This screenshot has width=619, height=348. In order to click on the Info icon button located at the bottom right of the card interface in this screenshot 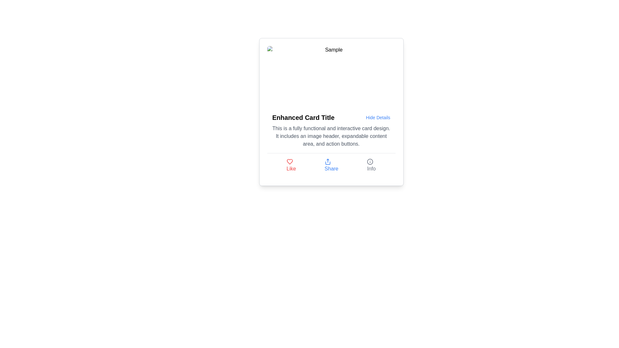, I will do `click(370, 161)`.